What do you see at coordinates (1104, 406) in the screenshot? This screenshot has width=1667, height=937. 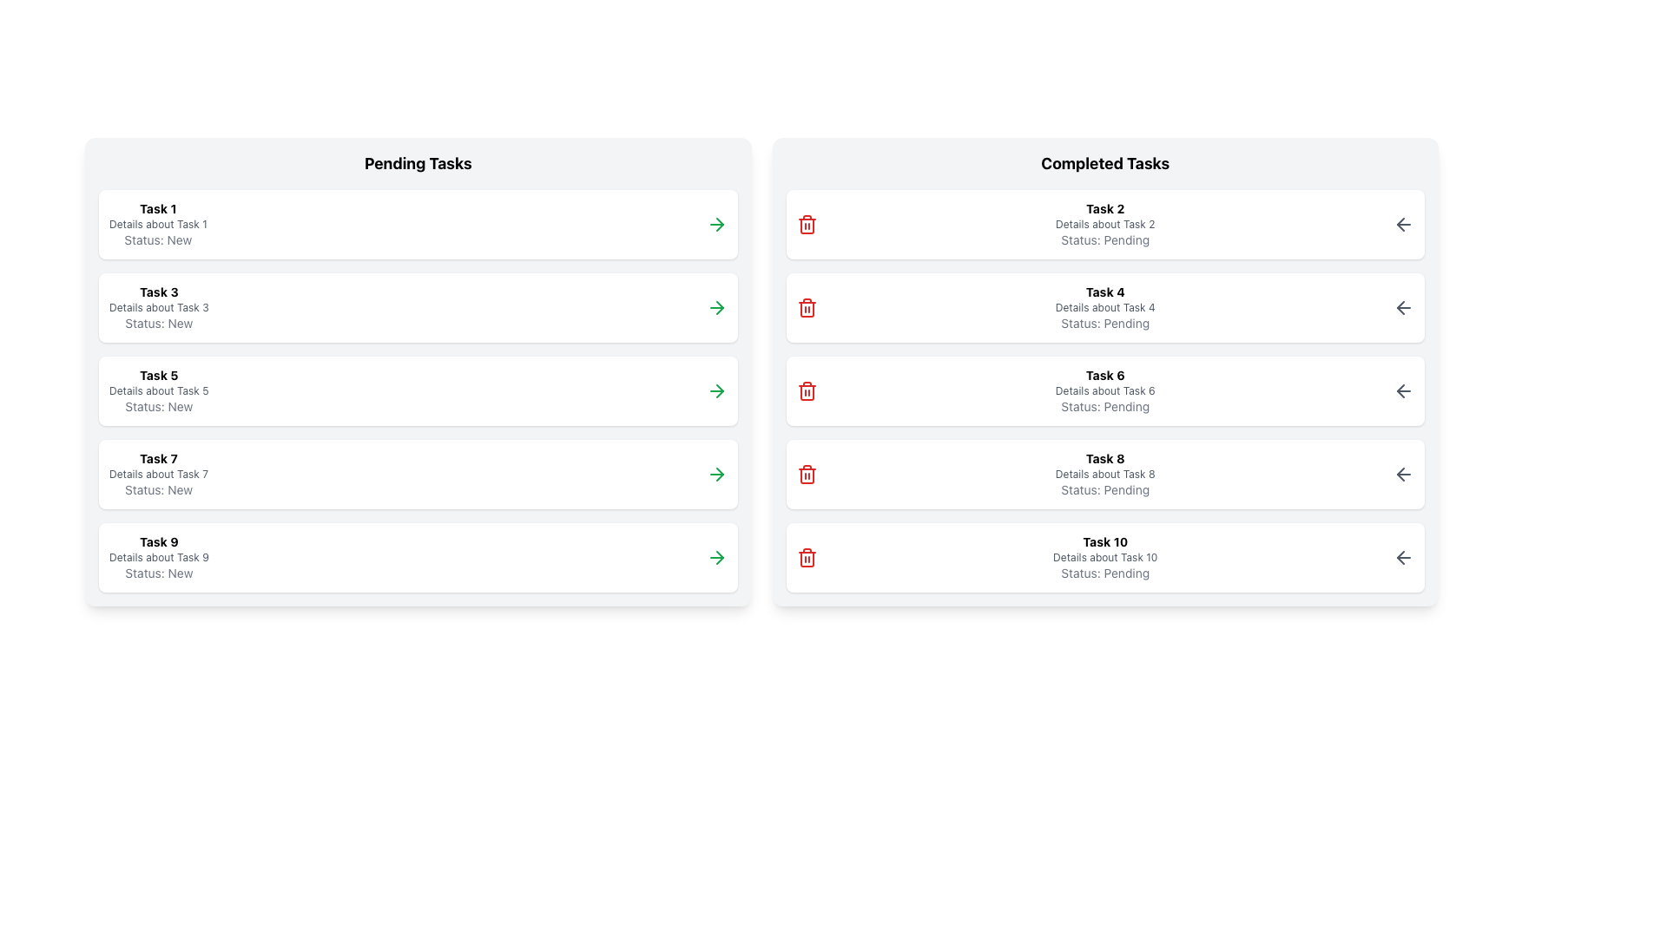 I see `text from the Text Label displaying 'Status: Pending' in gray font located in the bottom segment of the task card for 'Task 6'` at bounding box center [1104, 406].